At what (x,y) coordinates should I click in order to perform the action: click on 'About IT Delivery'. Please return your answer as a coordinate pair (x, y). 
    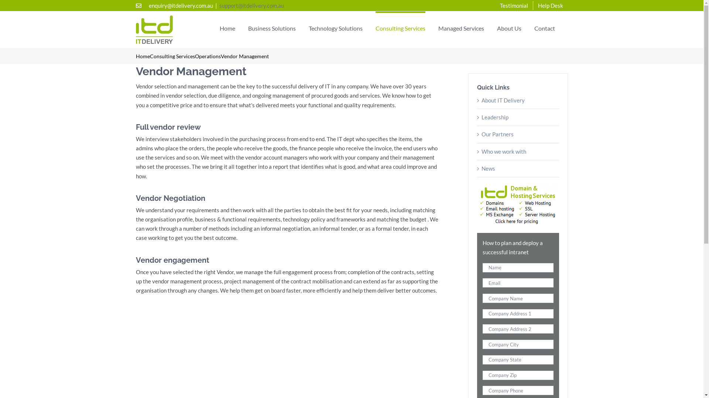
    Looking at the image, I should click on (482, 100).